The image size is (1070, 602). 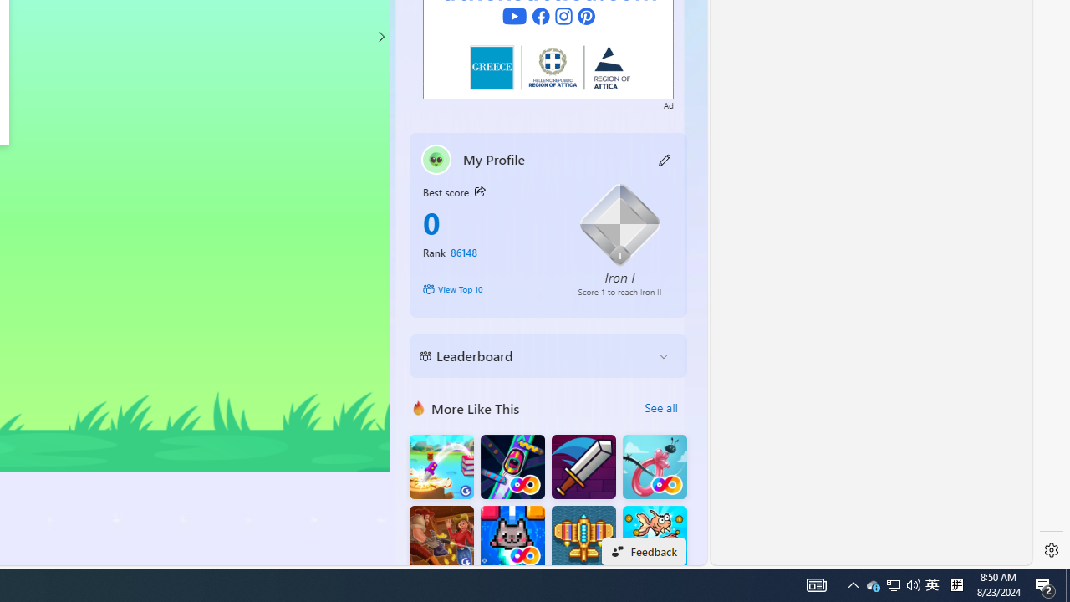 What do you see at coordinates (660, 408) in the screenshot?
I see `'See all'` at bounding box center [660, 408].